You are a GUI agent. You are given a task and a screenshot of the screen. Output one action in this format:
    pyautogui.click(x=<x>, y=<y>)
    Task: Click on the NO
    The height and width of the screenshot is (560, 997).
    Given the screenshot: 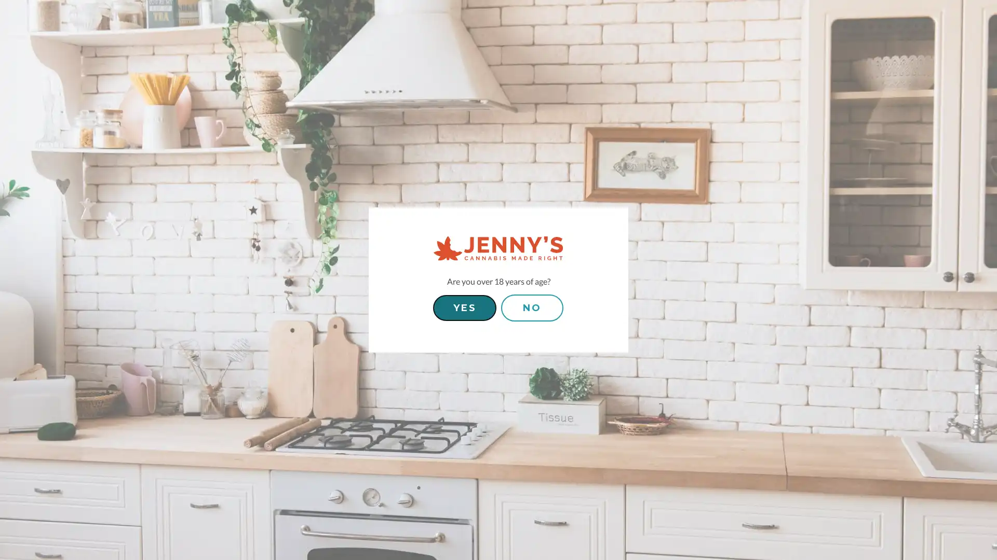 What is the action you would take?
    pyautogui.click(x=532, y=307)
    